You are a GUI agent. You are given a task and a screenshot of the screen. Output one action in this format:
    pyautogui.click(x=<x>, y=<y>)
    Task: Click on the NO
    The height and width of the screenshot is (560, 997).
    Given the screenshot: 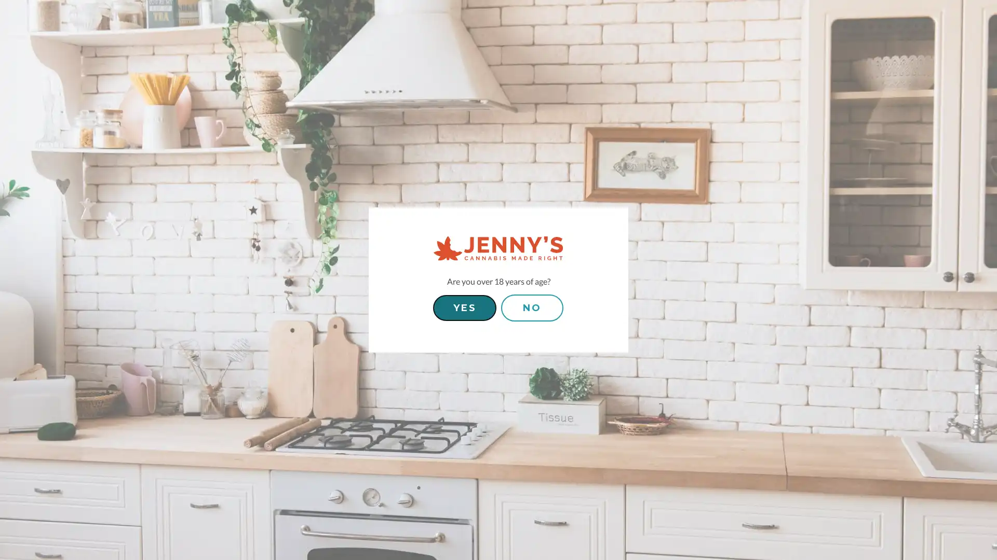 What is the action you would take?
    pyautogui.click(x=532, y=307)
    